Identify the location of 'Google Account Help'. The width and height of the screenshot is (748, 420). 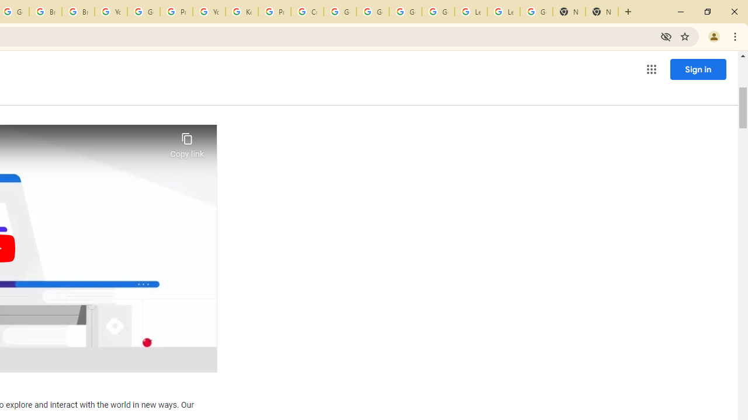
(405, 12).